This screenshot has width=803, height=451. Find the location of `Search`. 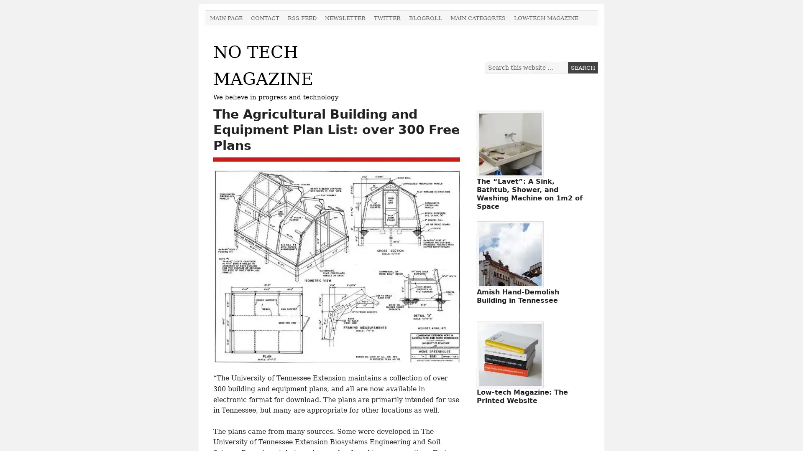

Search is located at coordinates (582, 67).